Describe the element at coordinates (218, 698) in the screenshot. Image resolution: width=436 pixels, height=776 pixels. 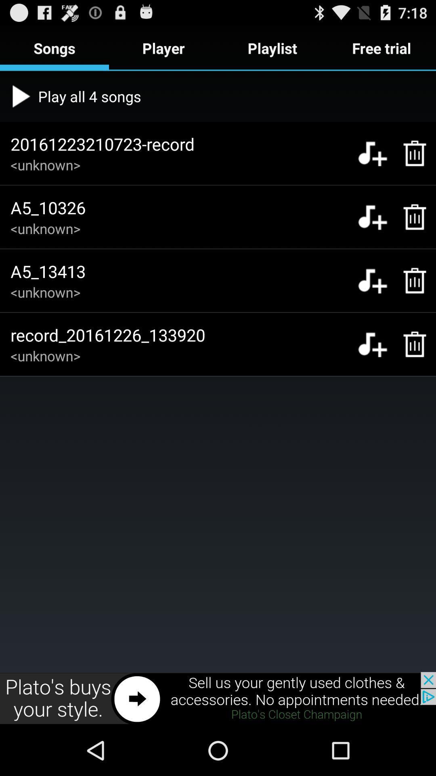
I see `advertisement` at that location.